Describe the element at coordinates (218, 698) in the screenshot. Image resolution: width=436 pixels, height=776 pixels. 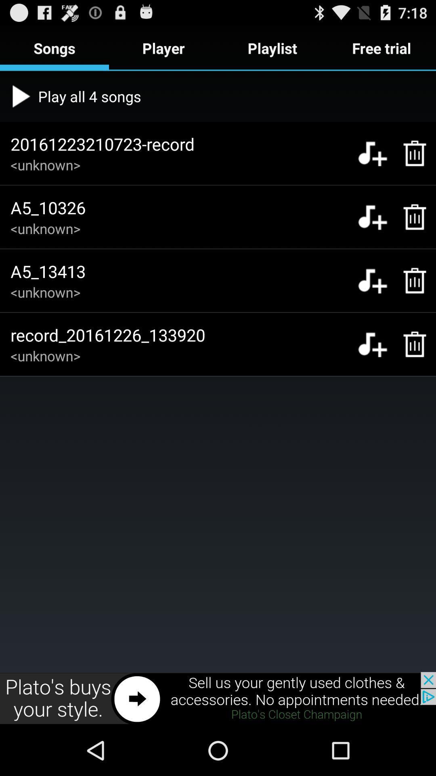
I see `advertisement` at that location.